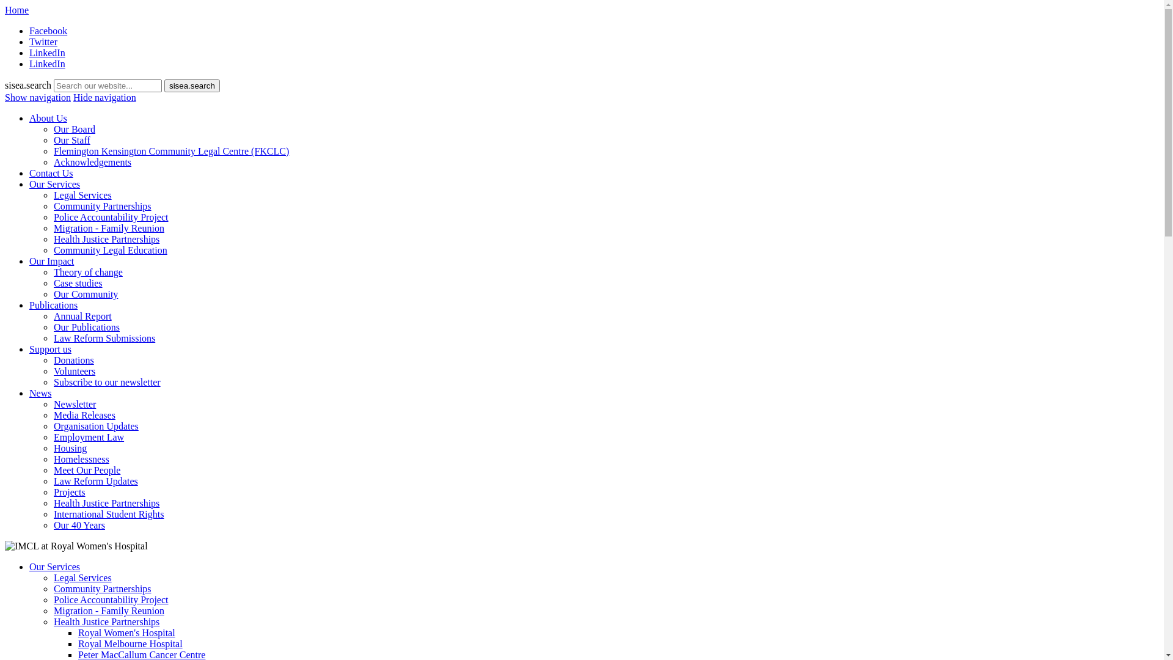 This screenshot has width=1173, height=660. What do you see at coordinates (5, 97) in the screenshot?
I see `'Show navigation'` at bounding box center [5, 97].